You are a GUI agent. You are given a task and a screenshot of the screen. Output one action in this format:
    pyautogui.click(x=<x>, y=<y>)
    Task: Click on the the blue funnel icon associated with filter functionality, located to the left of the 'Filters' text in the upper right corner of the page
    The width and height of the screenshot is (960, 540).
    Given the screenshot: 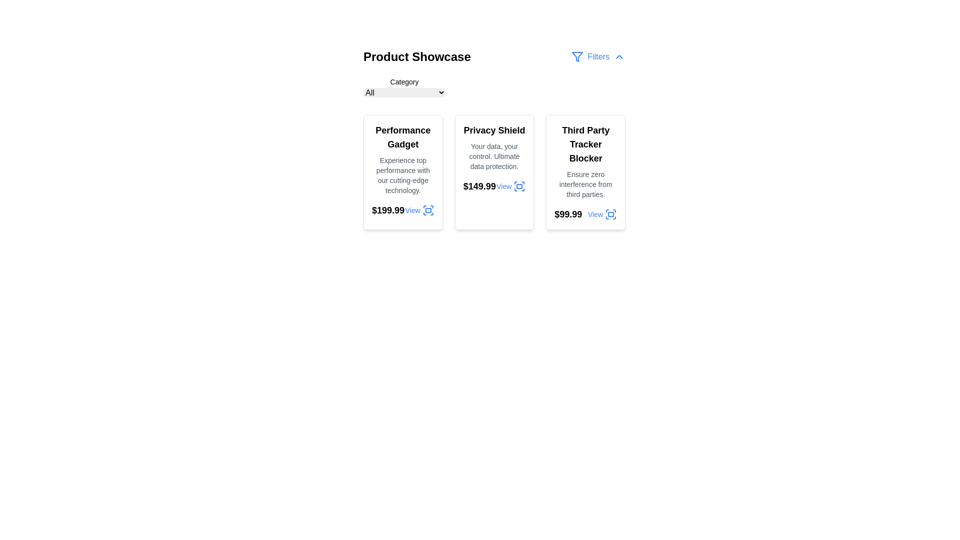 What is the action you would take?
    pyautogui.click(x=577, y=57)
    